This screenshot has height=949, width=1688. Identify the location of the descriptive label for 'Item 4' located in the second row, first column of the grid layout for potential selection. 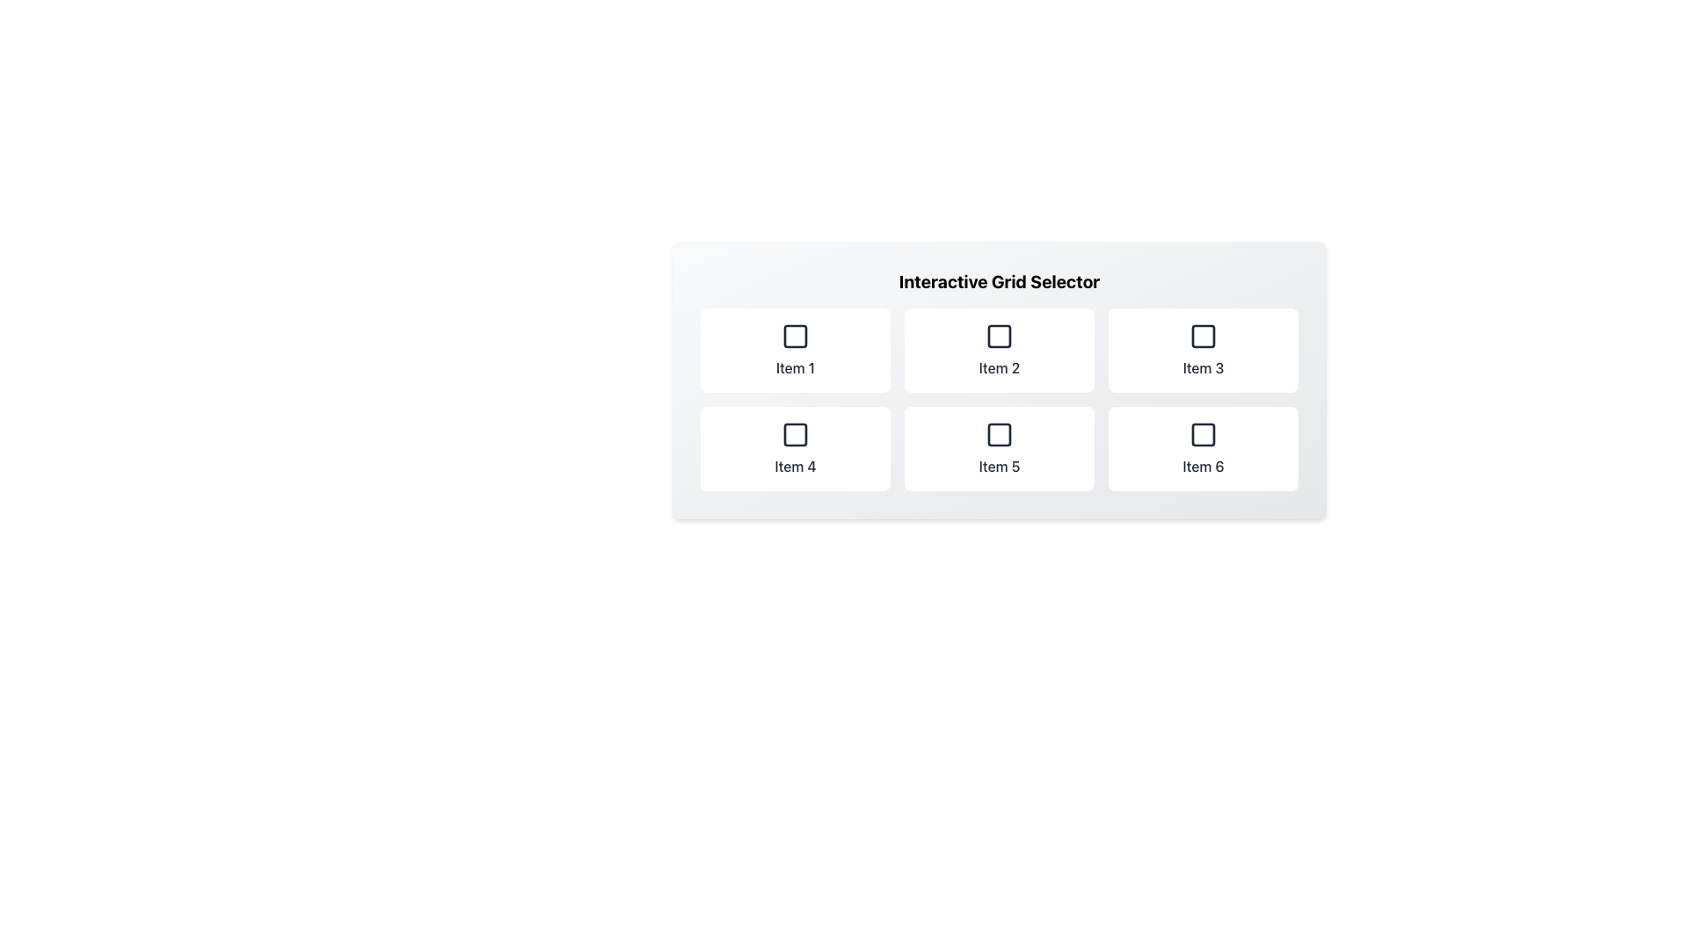
(795, 466).